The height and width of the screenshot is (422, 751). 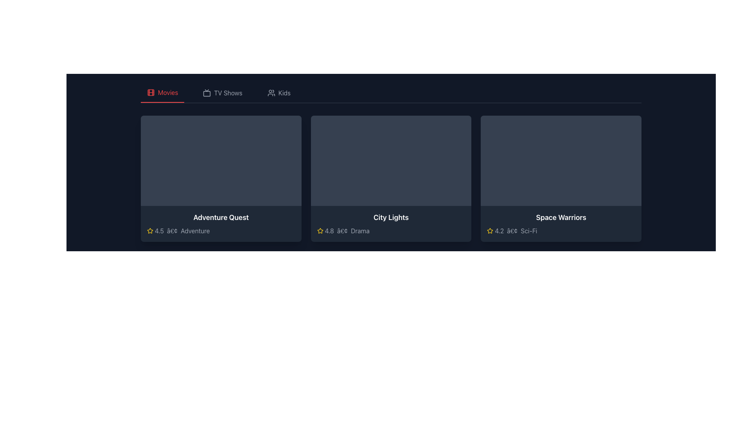 What do you see at coordinates (561, 224) in the screenshot?
I see `the informational display element that provides movie details, including title, rating, and genre, located at the bottom section of the third card in a horizontally aligned list` at bounding box center [561, 224].